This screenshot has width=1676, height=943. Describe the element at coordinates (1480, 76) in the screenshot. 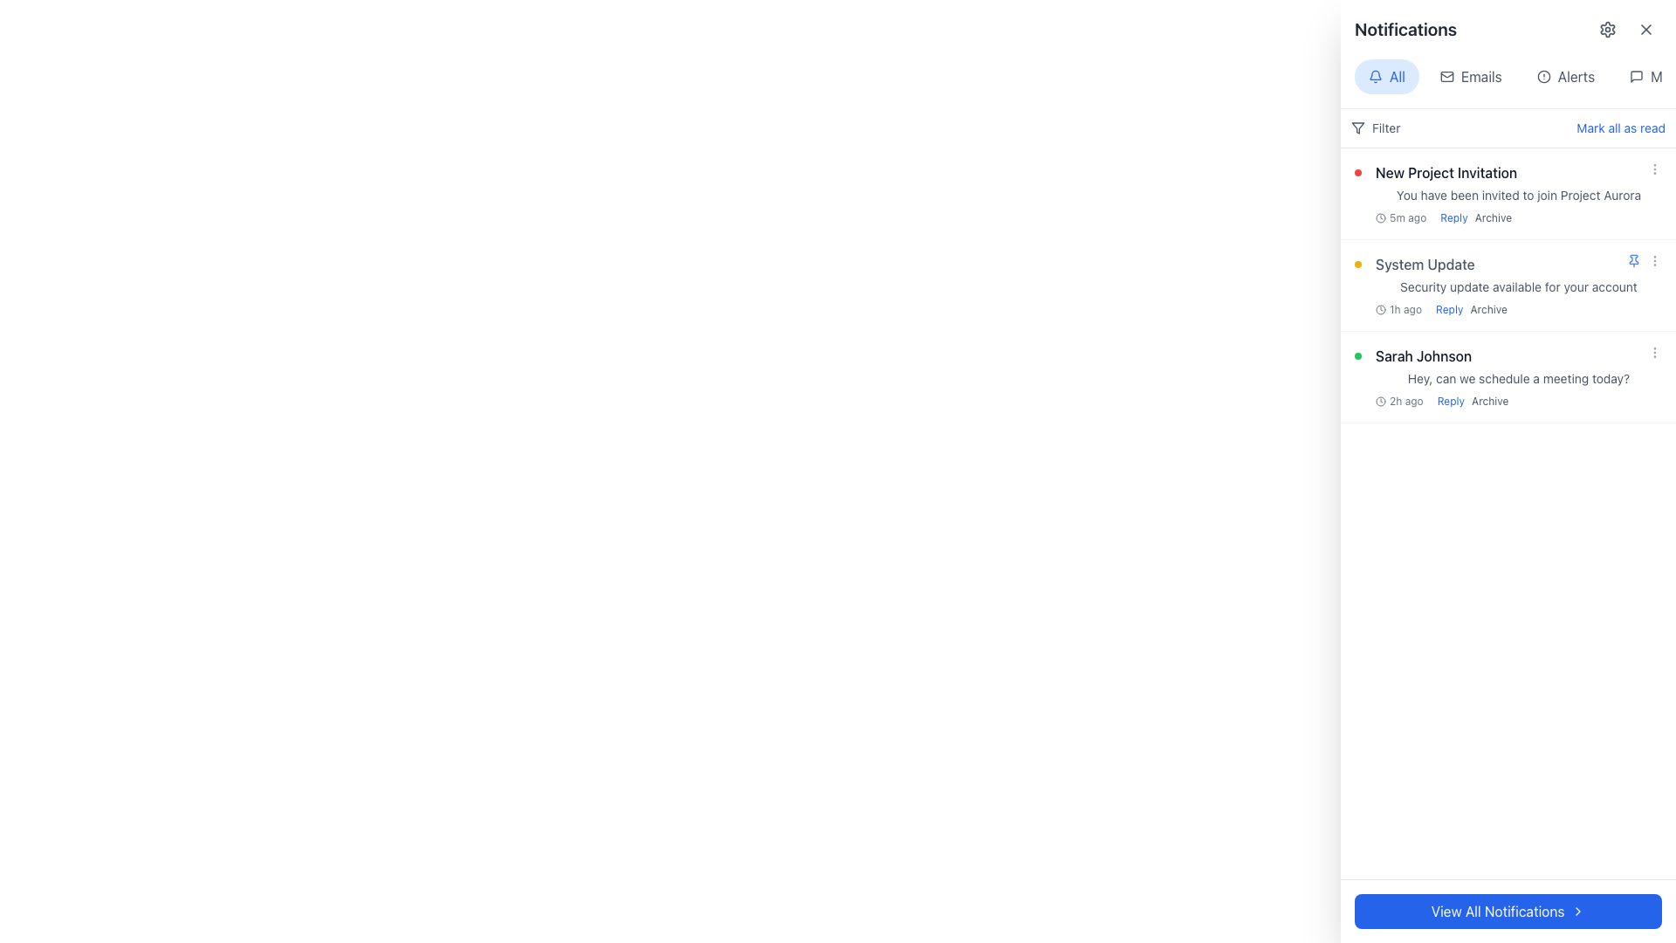

I see `the text button or label that filters notifications based on email-type entries located in the notification area at the top of the notification list, specifically in the horizontal filter bar, immediately following an envelope icon` at that location.